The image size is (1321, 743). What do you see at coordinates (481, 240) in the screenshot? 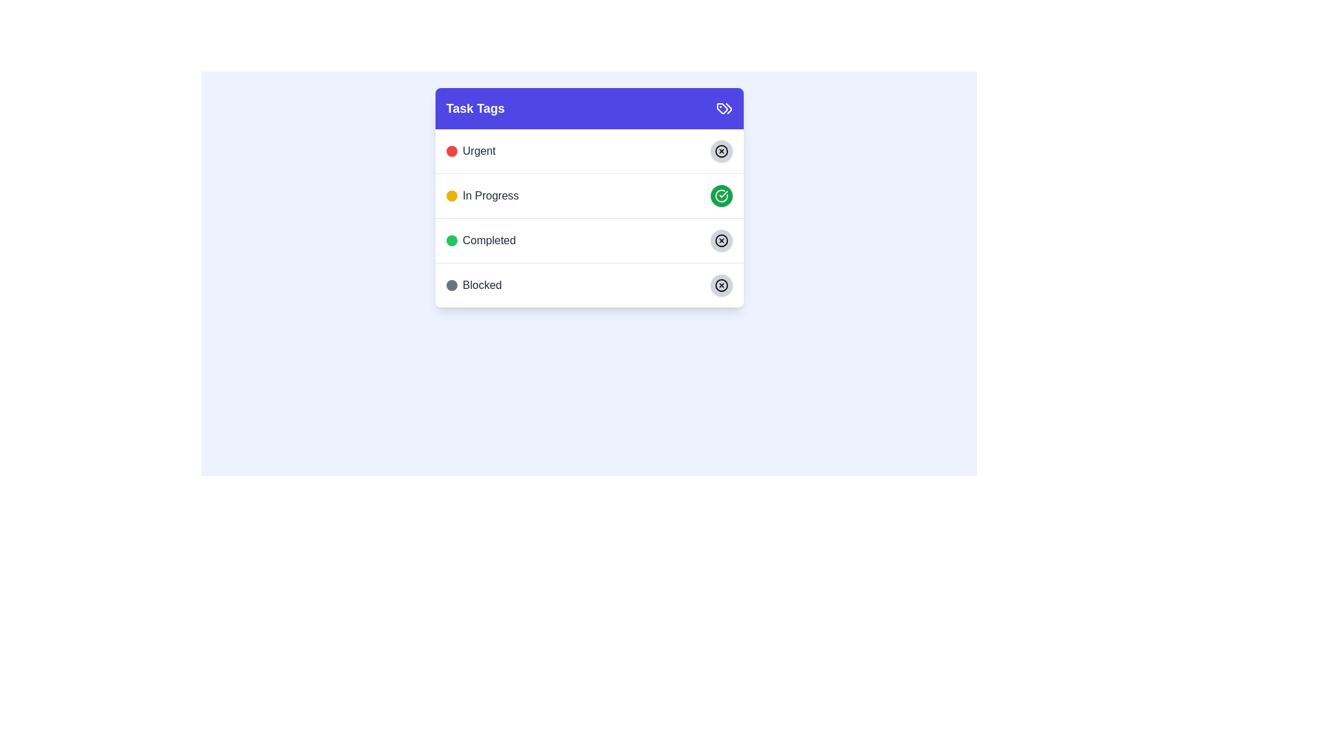
I see `the 'Completed' status indicator in the 'Task Tags' panel, which is the third item in the list, located to the left of a circular gray button with an 'X' icon` at bounding box center [481, 240].